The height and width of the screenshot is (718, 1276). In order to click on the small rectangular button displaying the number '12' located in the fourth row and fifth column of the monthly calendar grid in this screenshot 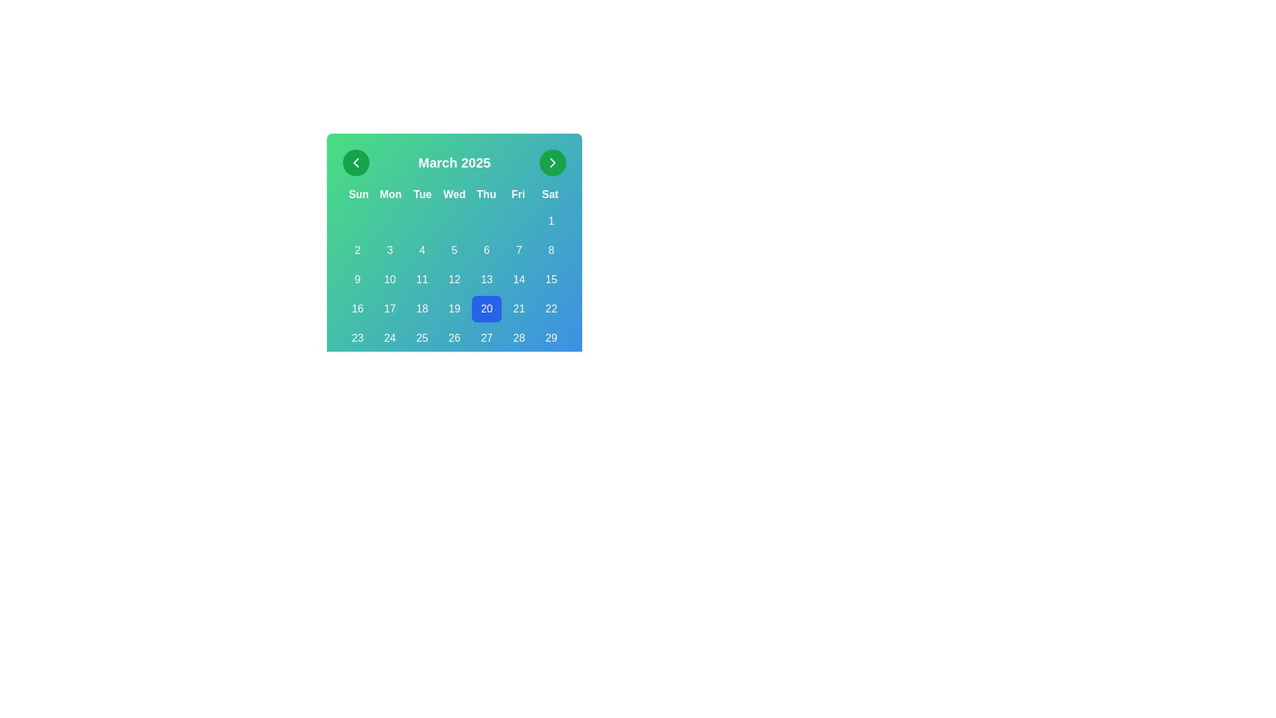, I will do `click(454, 279)`.